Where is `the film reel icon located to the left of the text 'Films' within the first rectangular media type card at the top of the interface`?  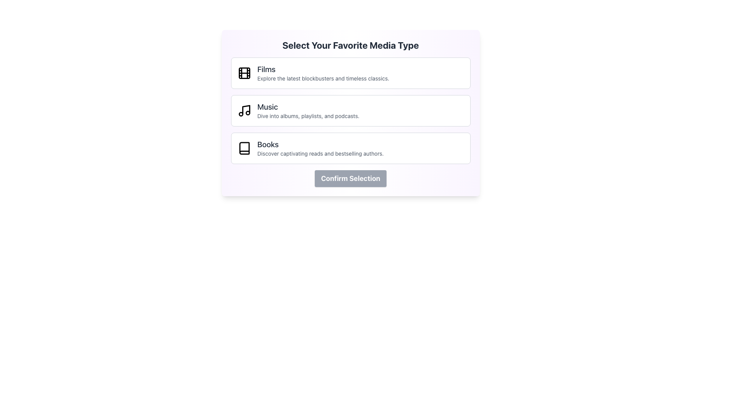 the film reel icon located to the left of the text 'Films' within the first rectangular media type card at the top of the interface is located at coordinates (244, 73).